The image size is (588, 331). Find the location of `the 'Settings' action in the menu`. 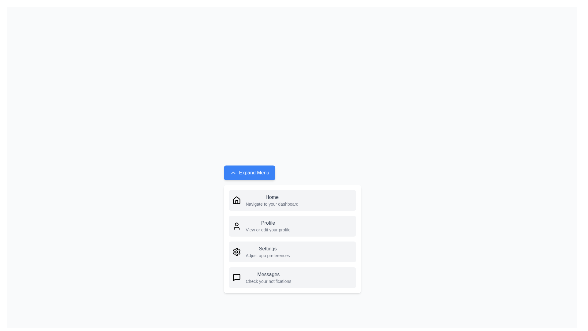

the 'Settings' action in the menu is located at coordinates (268, 252).